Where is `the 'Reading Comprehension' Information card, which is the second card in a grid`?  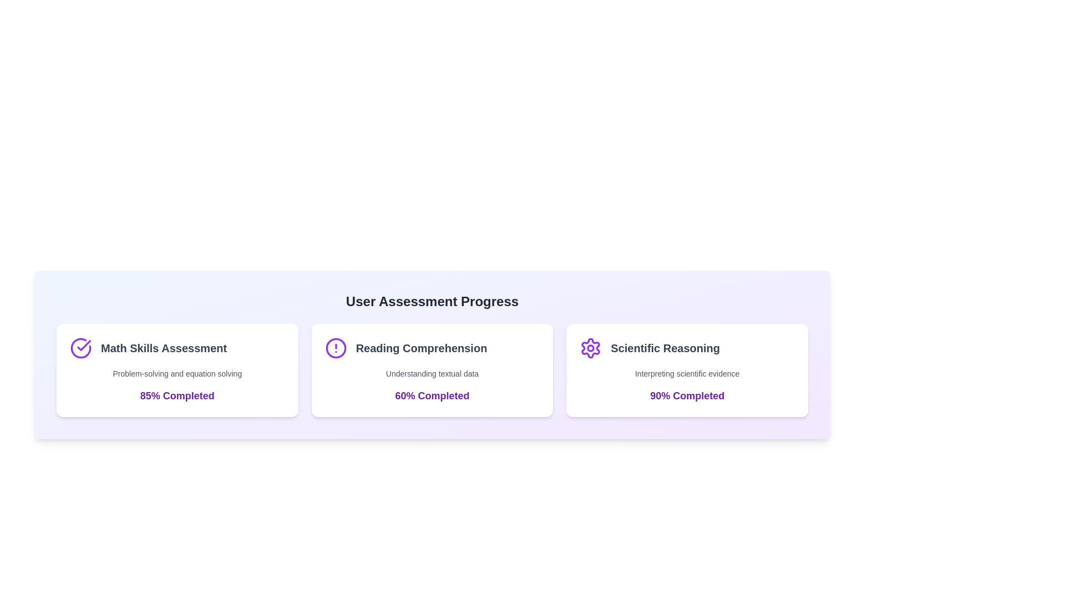 the 'Reading Comprehension' Information card, which is the second card in a grid is located at coordinates (432, 370).